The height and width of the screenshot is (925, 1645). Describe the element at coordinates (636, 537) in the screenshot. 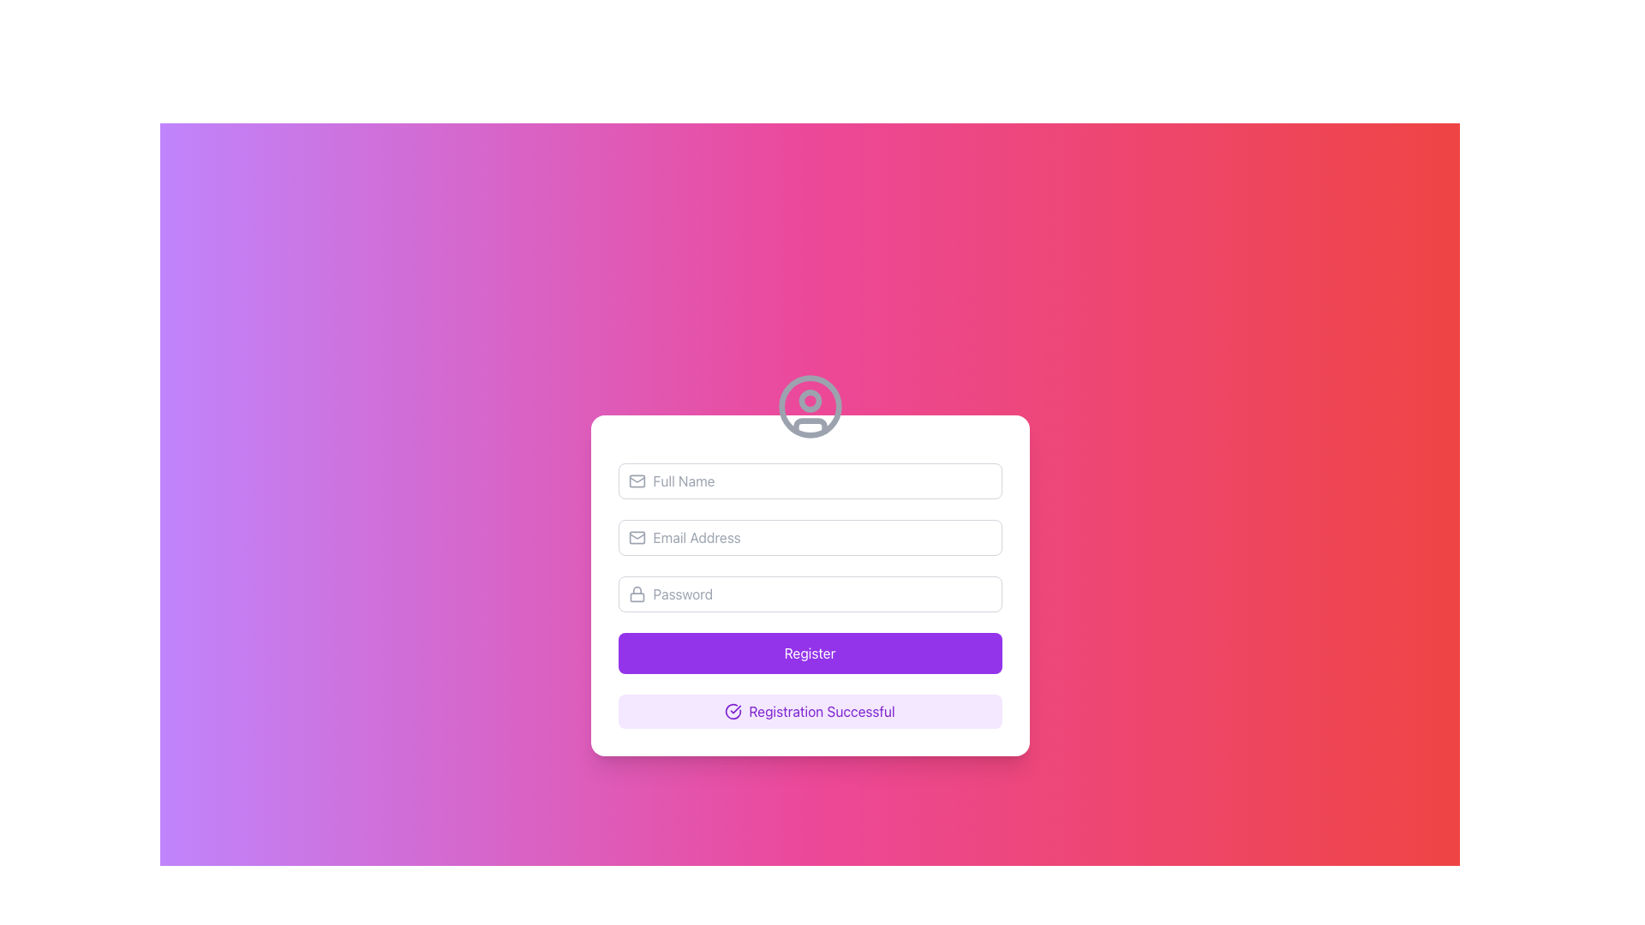

I see `the email icon located to the left of the 'Email Address' input field in the registration form to interact with the adjacent field` at that location.